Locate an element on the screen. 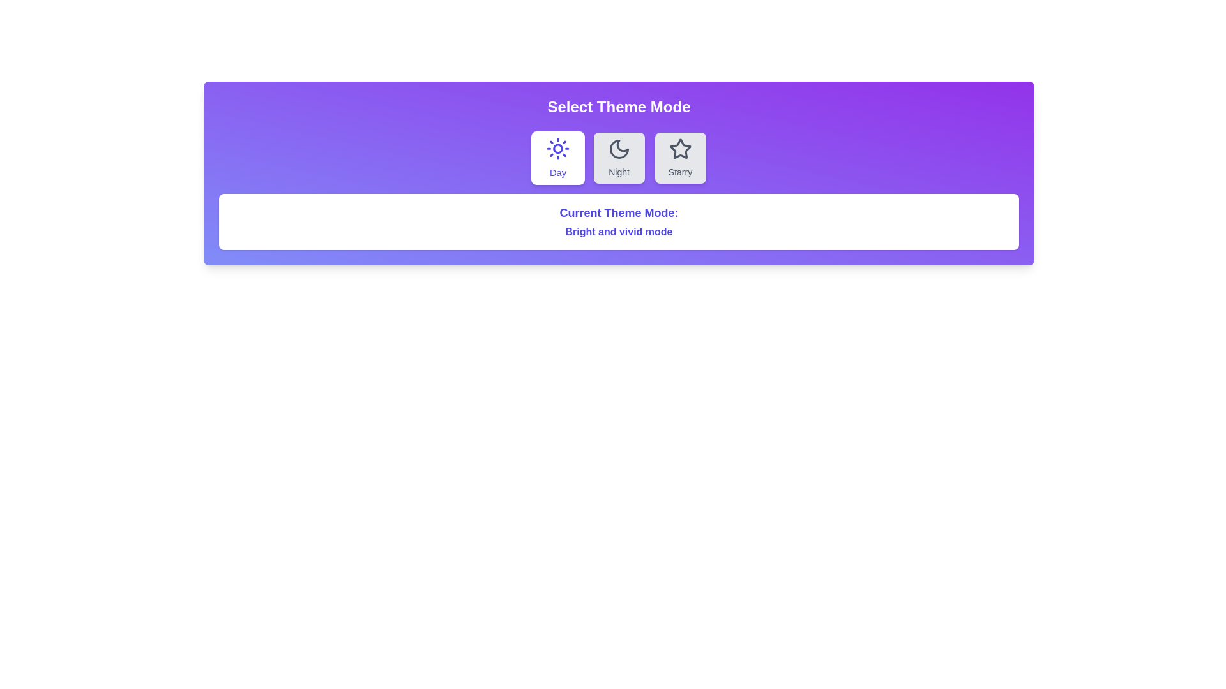  the Day button to observe visual feedback is located at coordinates (557, 157).